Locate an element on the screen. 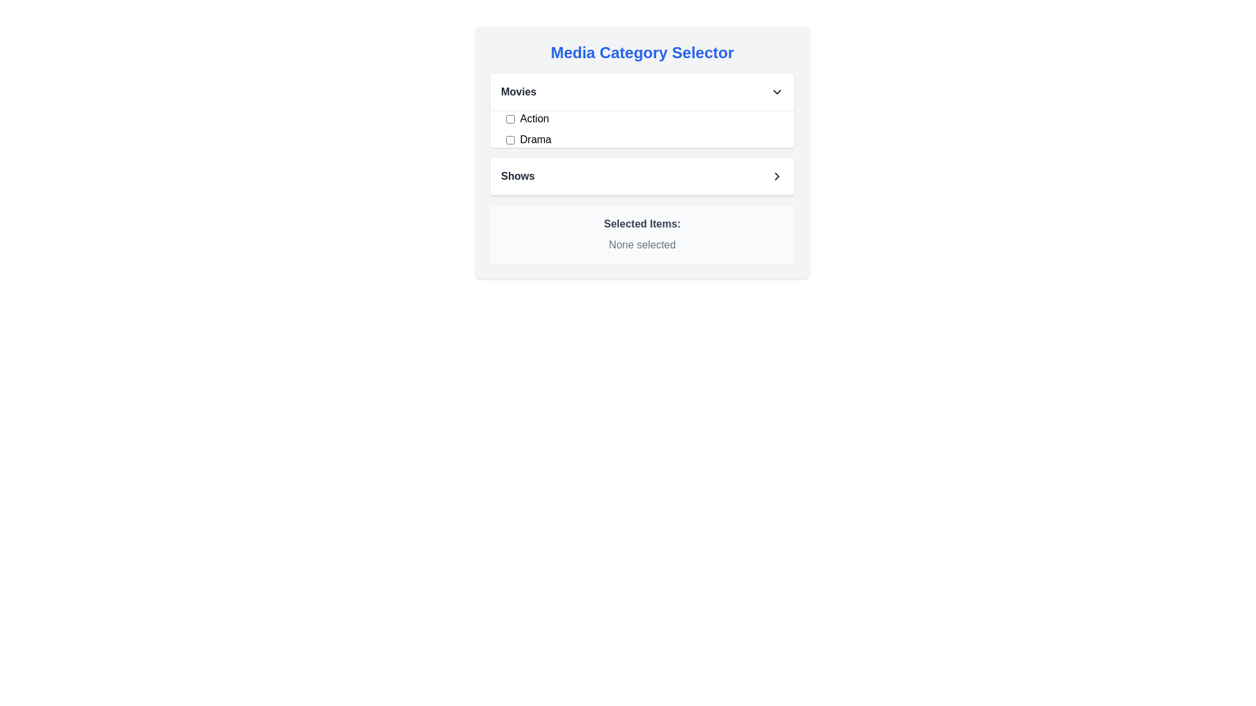 The width and height of the screenshot is (1256, 706). the 'Selected Items' label that introduces the section above the 'None selected' text in the white card interface is located at coordinates (642, 224).